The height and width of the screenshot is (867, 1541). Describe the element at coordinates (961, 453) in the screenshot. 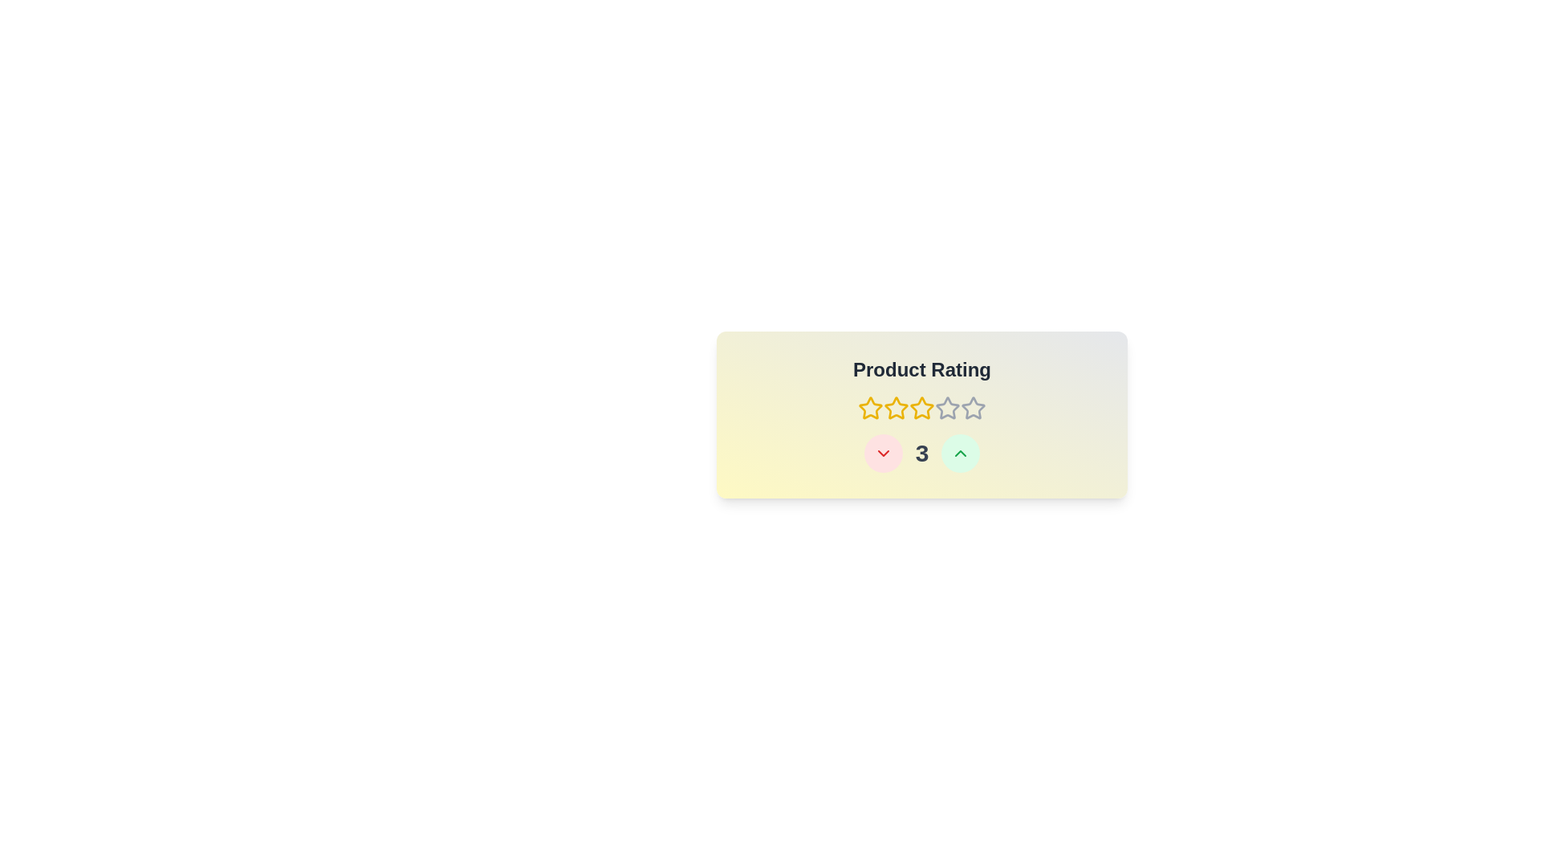

I see `the chevron button located to the right of the number '3' in the rating interface panel to increment the value` at that location.